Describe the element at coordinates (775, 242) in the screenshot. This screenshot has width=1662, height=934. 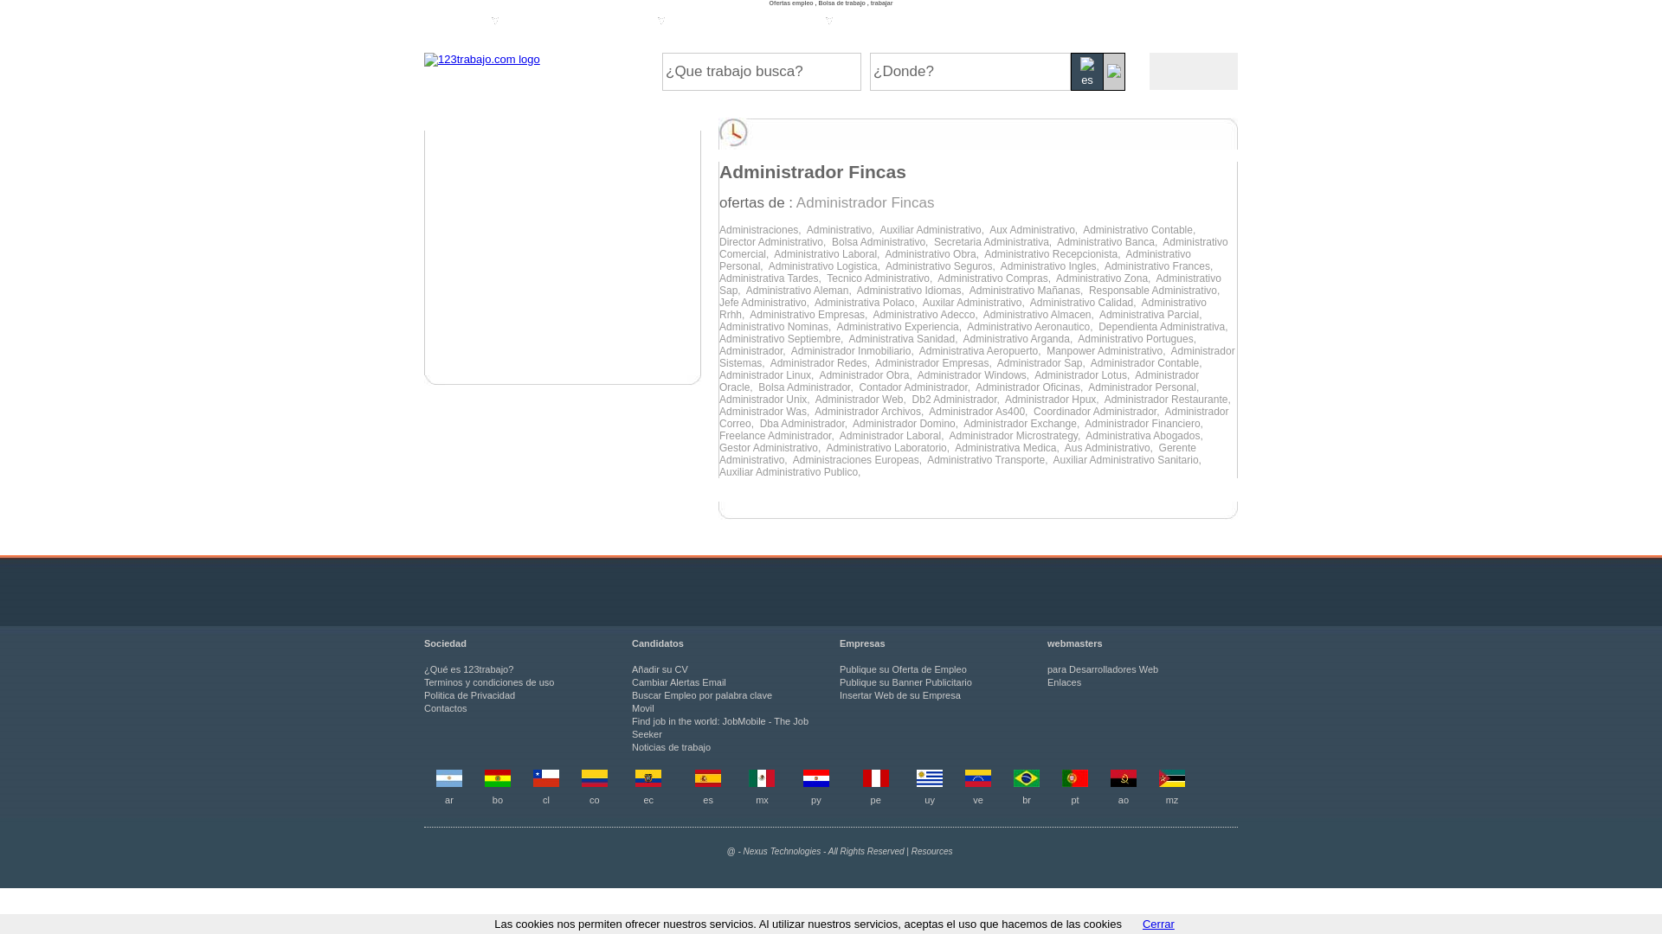
I see `'Director Administrativo, '` at that location.